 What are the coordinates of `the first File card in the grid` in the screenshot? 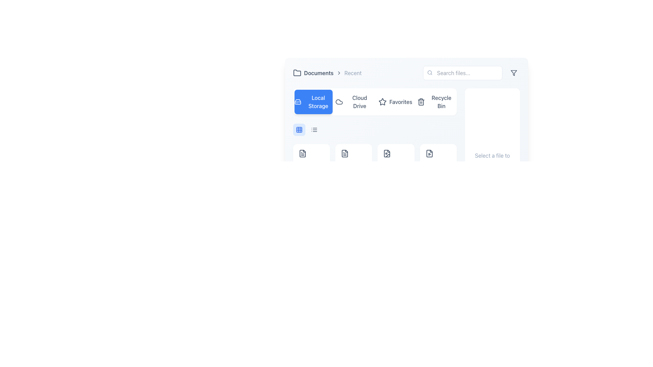 It's located at (311, 164).